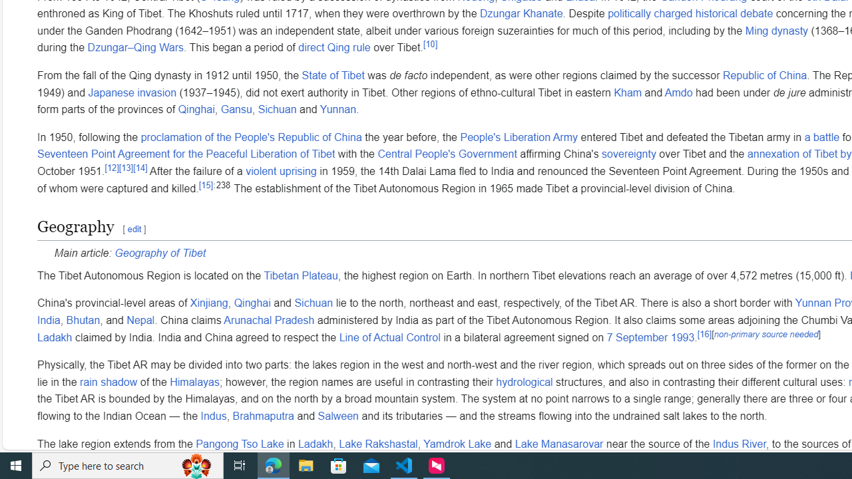  I want to click on '[10]', so click(430, 43).